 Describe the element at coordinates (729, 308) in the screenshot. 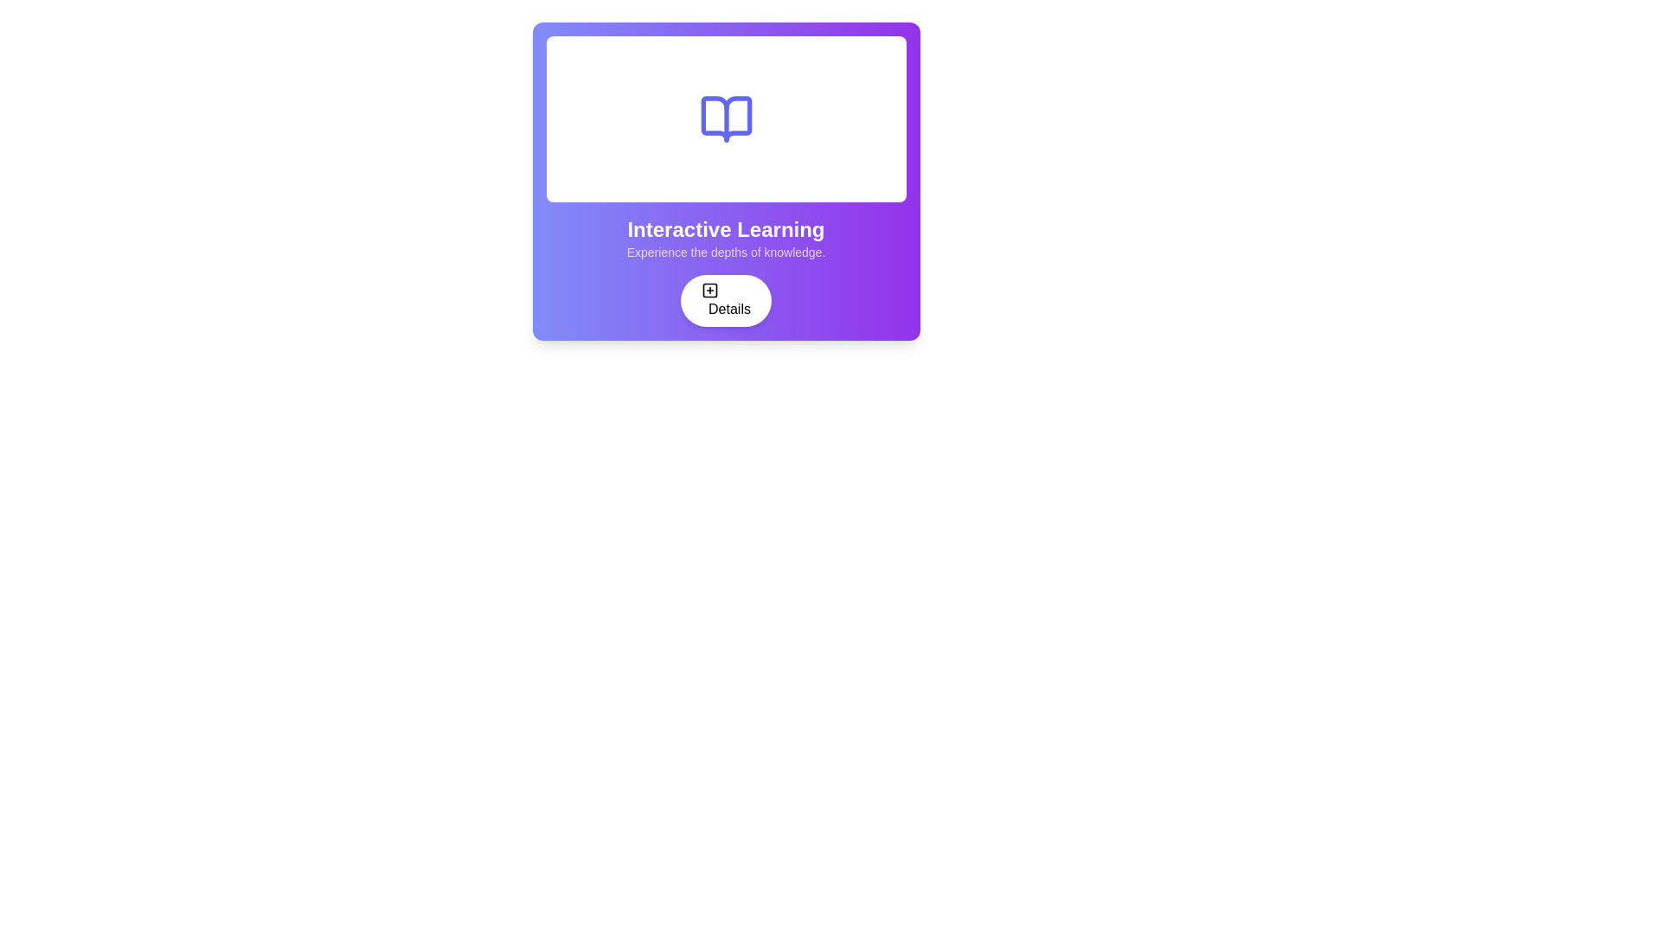

I see `the text label displaying 'Details' which is part of a rounded button structure and positioned to the right of an icon resembling a square with a plus sign` at that location.